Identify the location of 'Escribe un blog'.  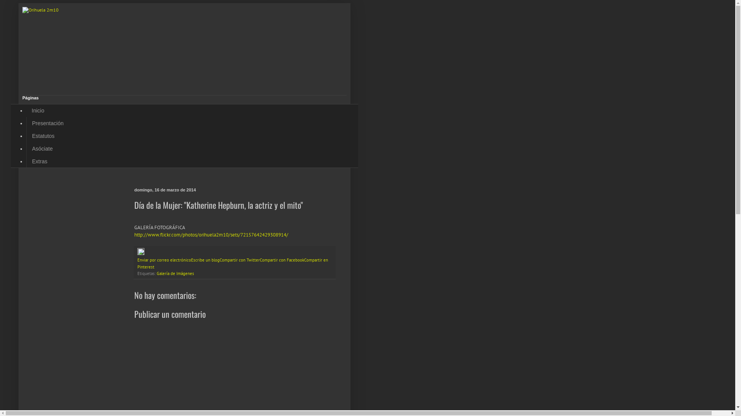
(205, 260).